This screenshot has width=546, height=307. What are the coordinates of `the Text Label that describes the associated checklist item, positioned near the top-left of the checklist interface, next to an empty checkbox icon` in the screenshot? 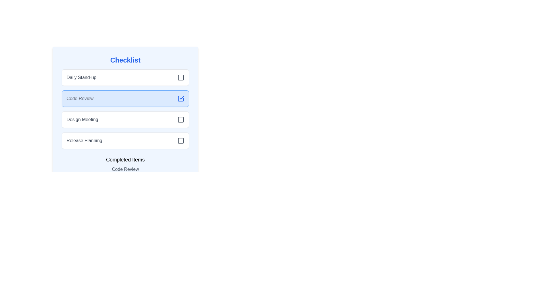 It's located at (81, 78).